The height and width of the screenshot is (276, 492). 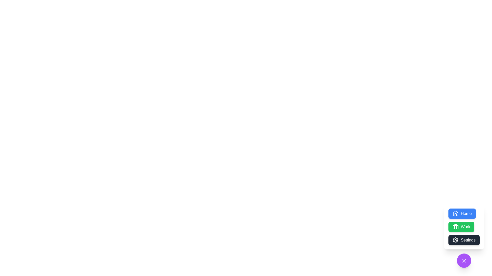 What do you see at coordinates (456, 213) in the screenshot?
I see `the central roof section of the minimalistic house icon within the 'Home' button` at bounding box center [456, 213].